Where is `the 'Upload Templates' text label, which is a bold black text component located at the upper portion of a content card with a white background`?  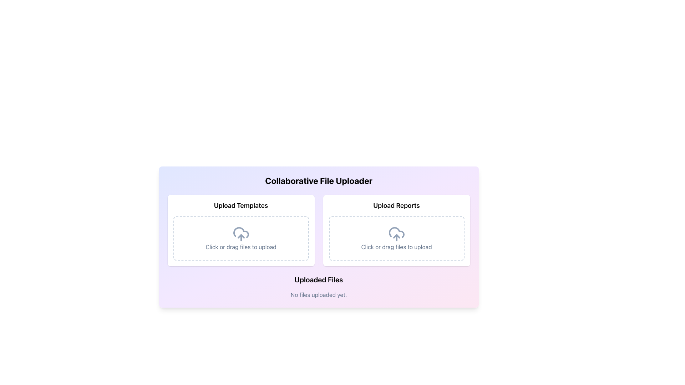
the 'Upload Templates' text label, which is a bold black text component located at the upper portion of a content card with a white background is located at coordinates (241, 206).